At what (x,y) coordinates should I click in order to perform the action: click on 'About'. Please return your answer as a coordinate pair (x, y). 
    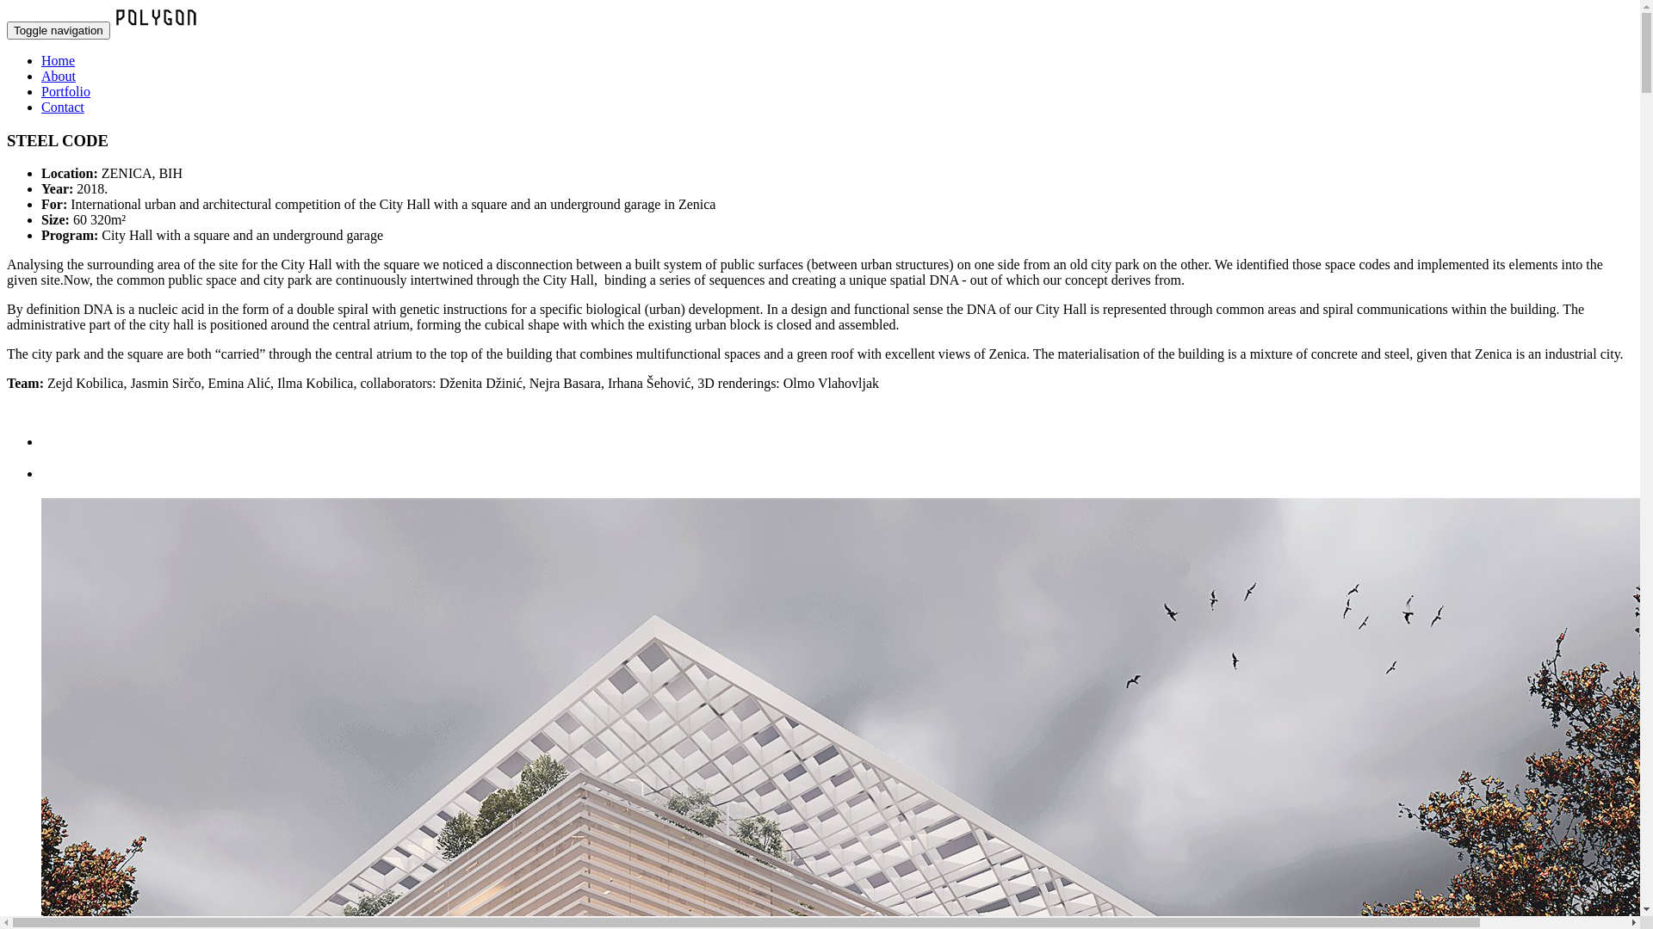
    Looking at the image, I should click on (58, 75).